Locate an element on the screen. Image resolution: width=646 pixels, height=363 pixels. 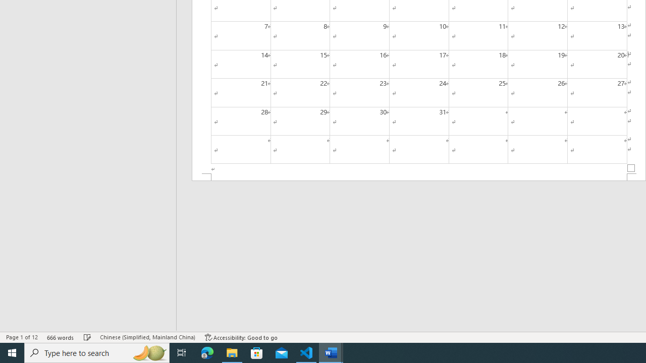
'Footer -Section 1-' is located at coordinates (419, 176).